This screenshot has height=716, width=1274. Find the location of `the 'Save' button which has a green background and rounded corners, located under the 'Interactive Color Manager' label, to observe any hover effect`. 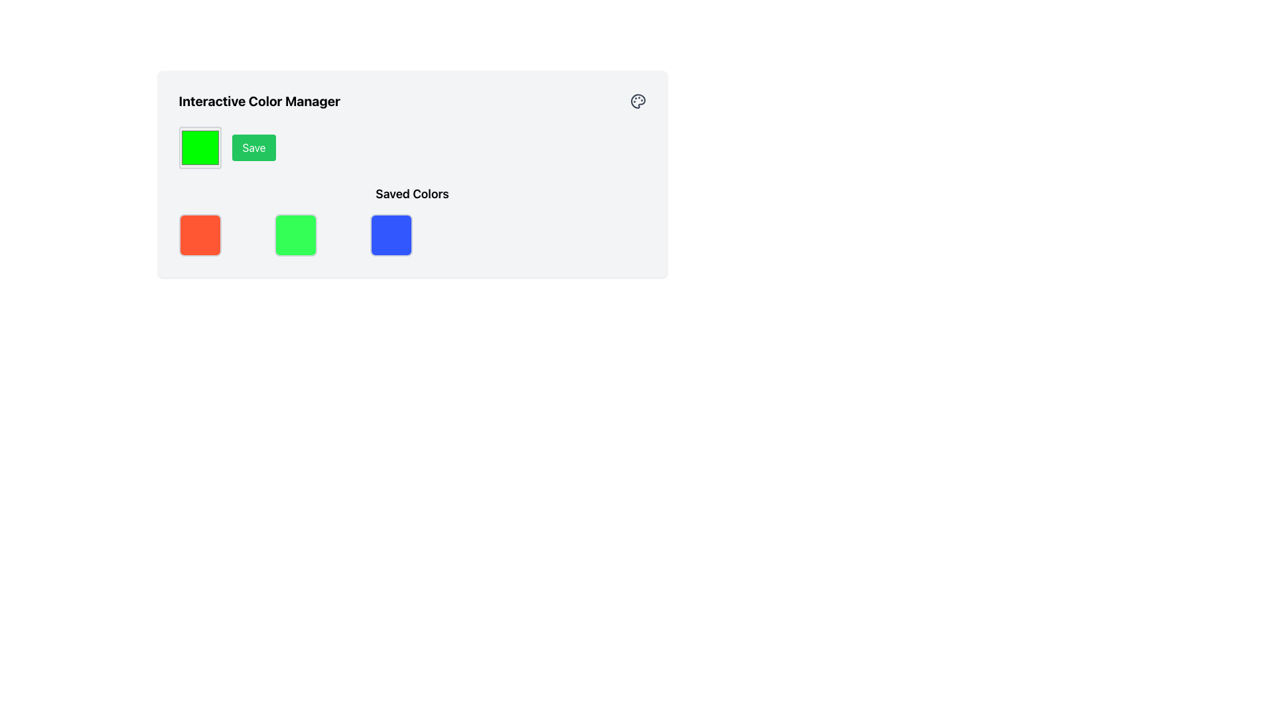

the 'Save' button which has a green background and rounded corners, located under the 'Interactive Color Manager' label, to observe any hover effect is located at coordinates (254, 148).